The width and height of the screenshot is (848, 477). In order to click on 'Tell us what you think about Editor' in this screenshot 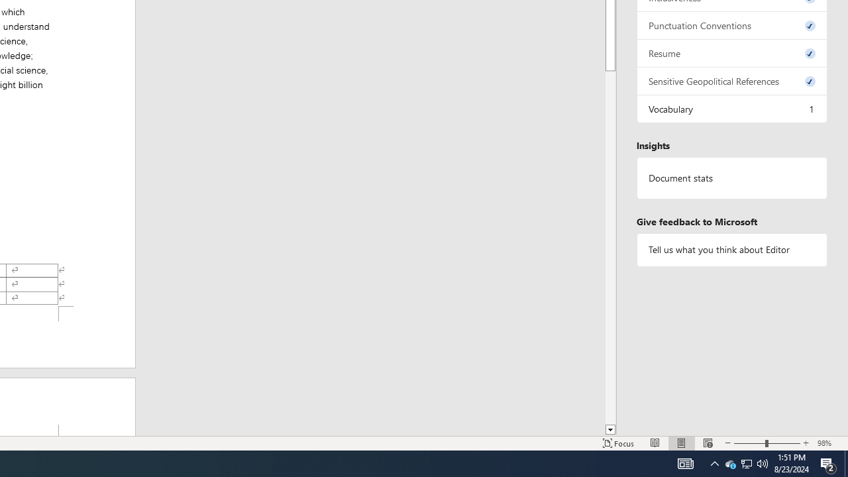, I will do `click(731, 250)`.